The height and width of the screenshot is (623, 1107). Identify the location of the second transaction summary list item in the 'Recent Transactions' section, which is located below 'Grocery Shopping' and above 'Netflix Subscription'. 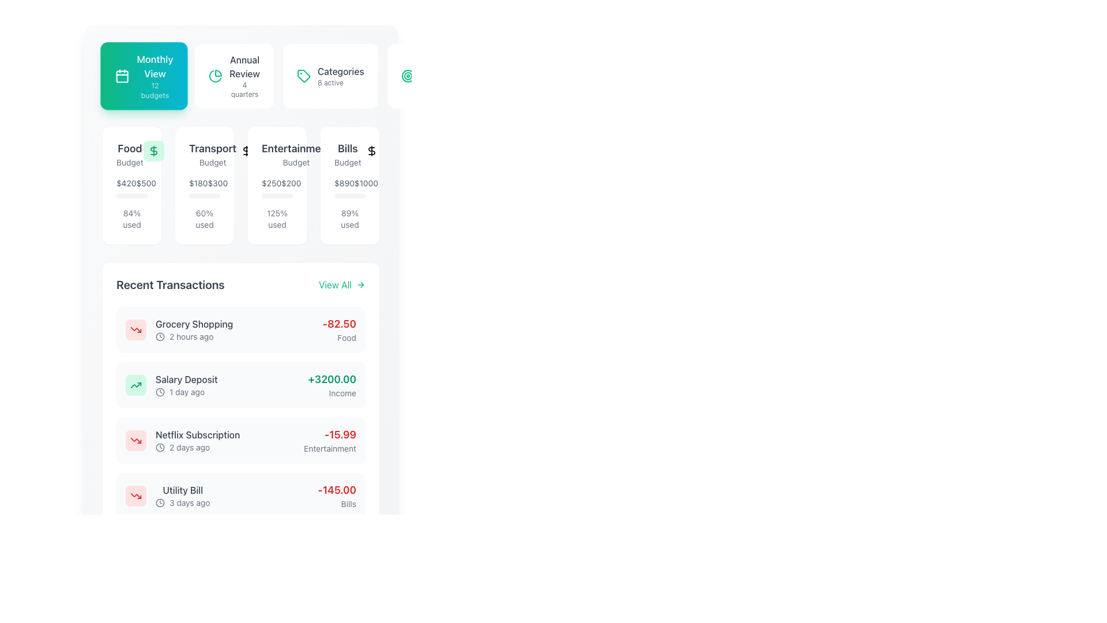
(171, 385).